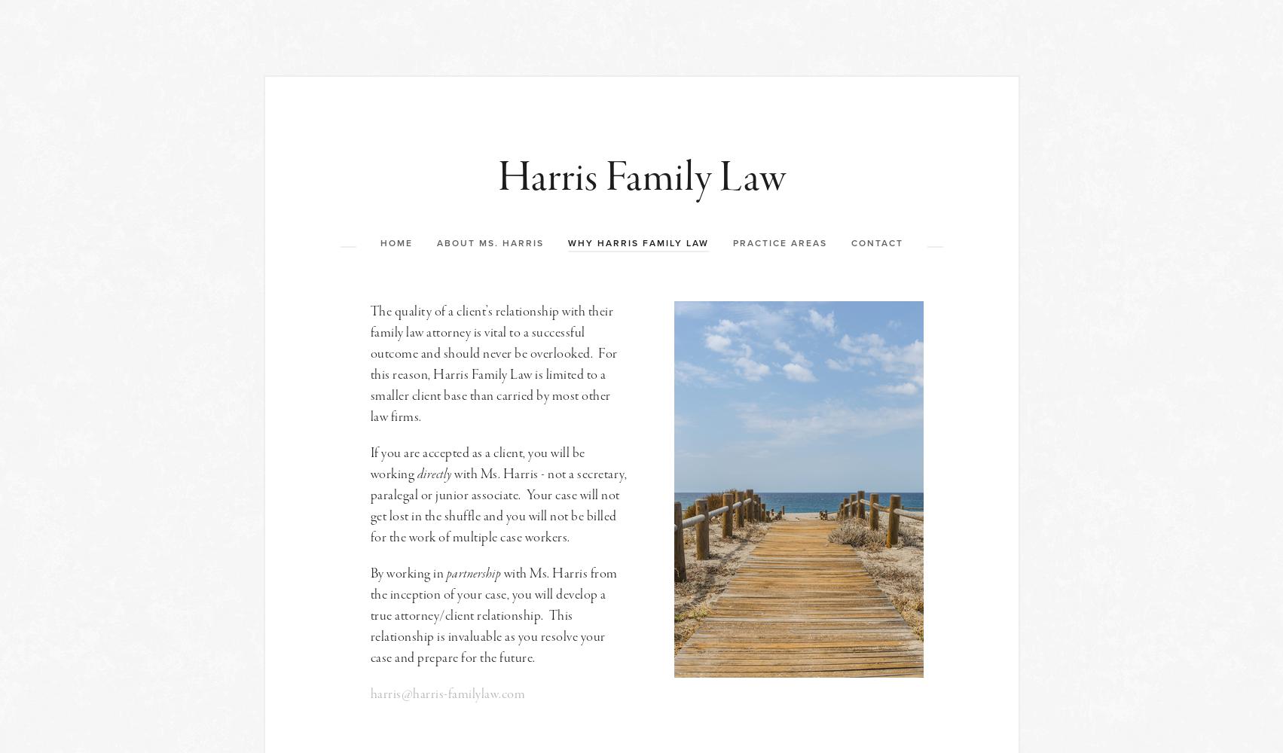 This screenshot has height=753, width=1283. What do you see at coordinates (447, 694) in the screenshot?
I see `'harris@harris-familylaw.com'` at bounding box center [447, 694].